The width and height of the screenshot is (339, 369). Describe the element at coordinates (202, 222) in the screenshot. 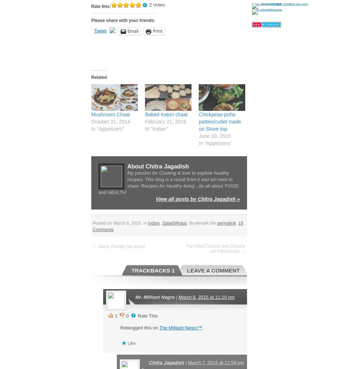

I see `'. Bookmark the'` at that location.